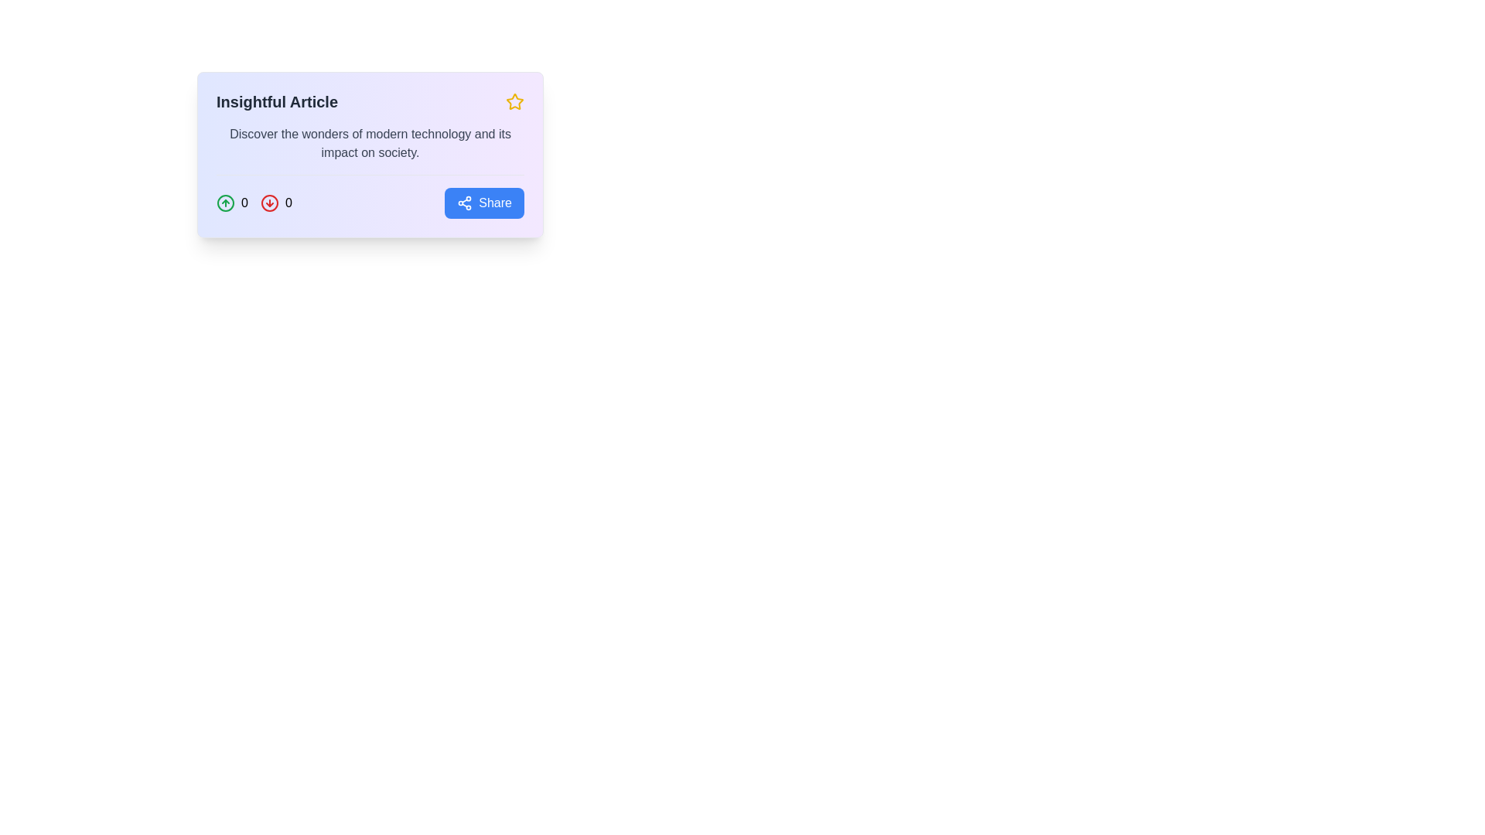 This screenshot has height=835, width=1485. I want to click on text displayed in the Text Label element that shows the message: 'Discover the wonders of modern technology and its impact on society.', so click(370, 143).